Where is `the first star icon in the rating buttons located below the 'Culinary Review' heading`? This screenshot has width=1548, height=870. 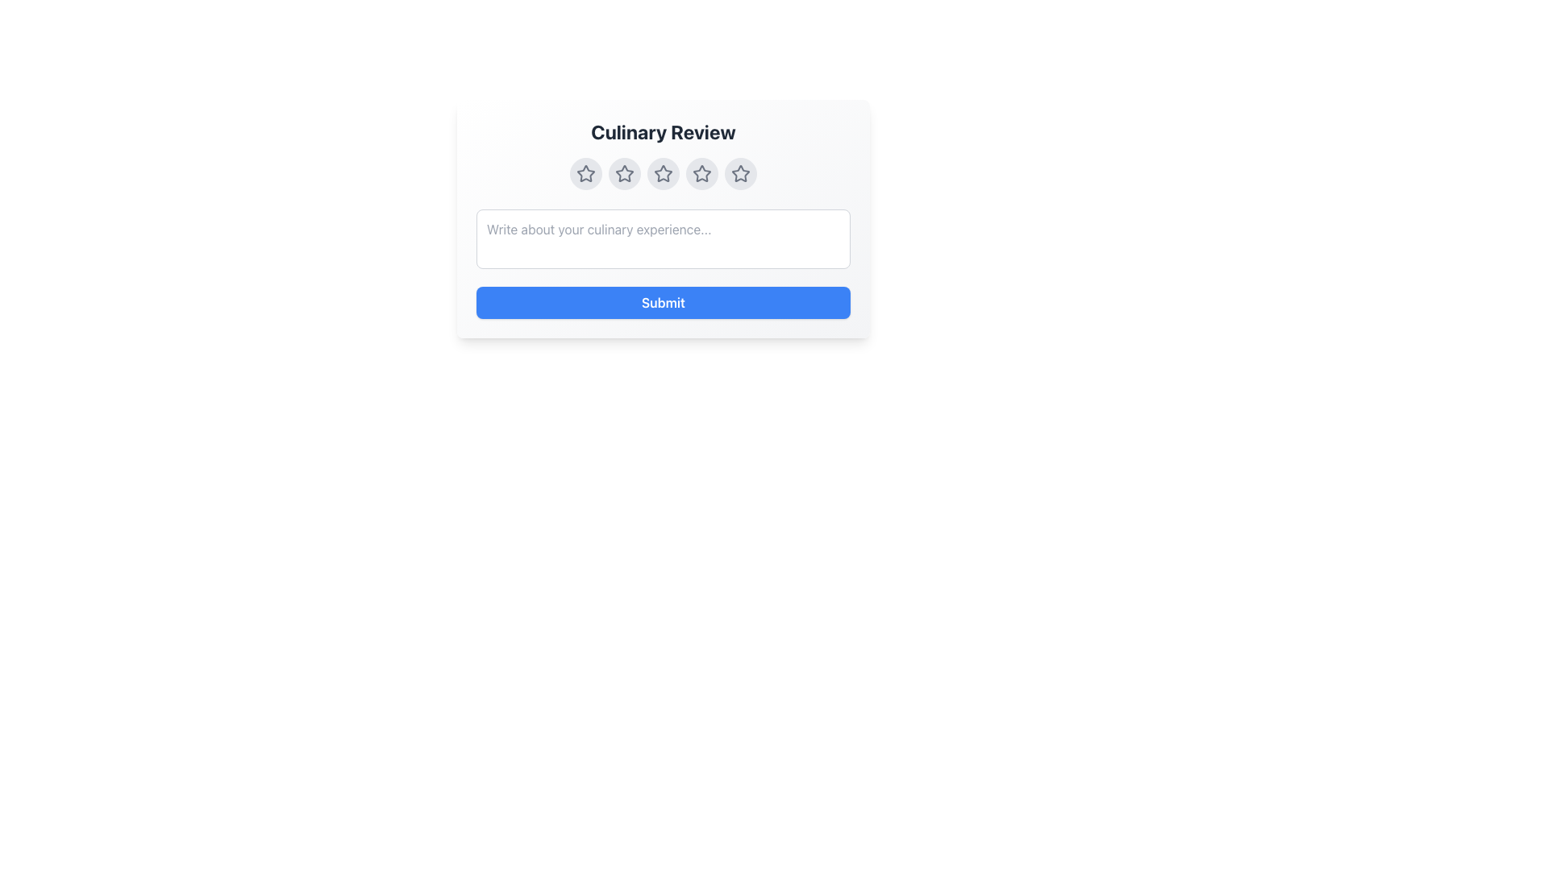
the first star icon in the rating buttons located below the 'Culinary Review' heading is located at coordinates (585, 174).